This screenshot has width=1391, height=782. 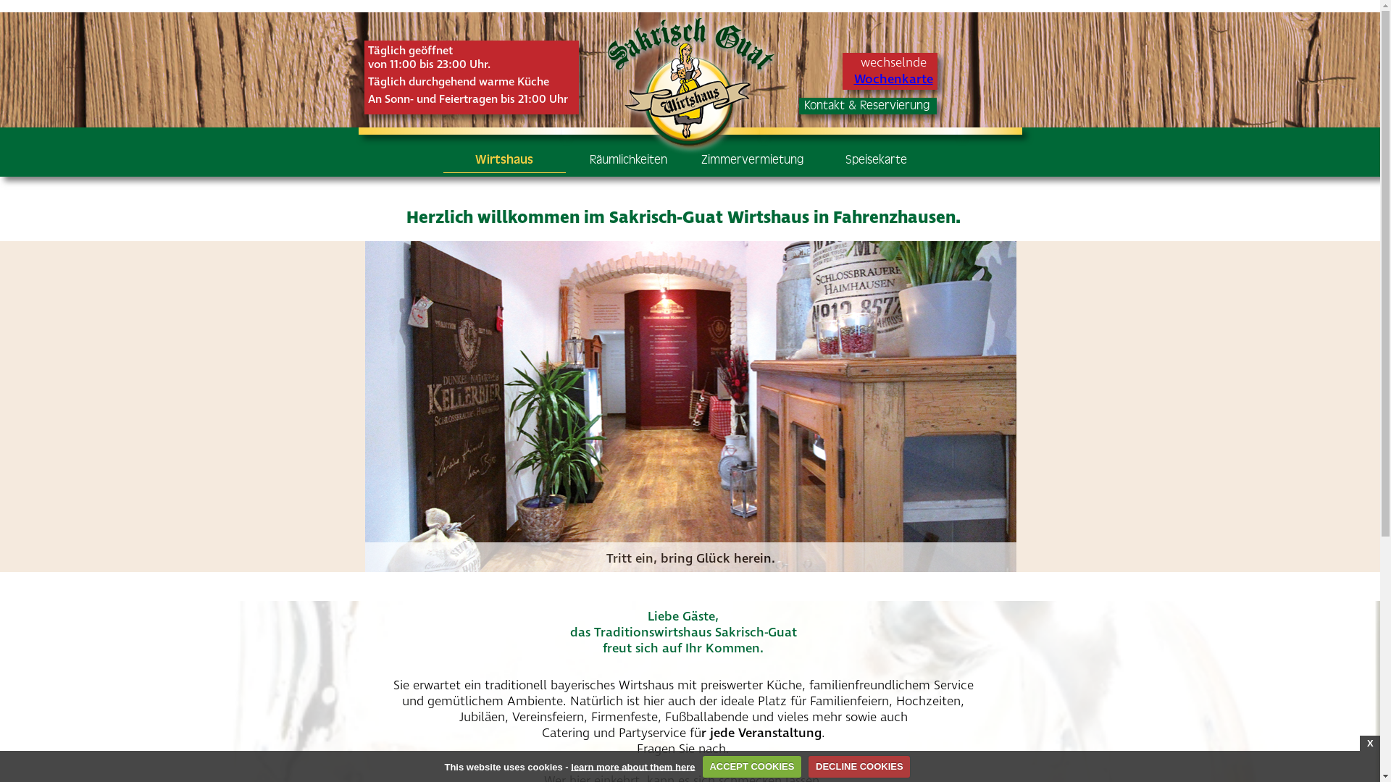 What do you see at coordinates (632, 765) in the screenshot?
I see `'learn more about them here'` at bounding box center [632, 765].